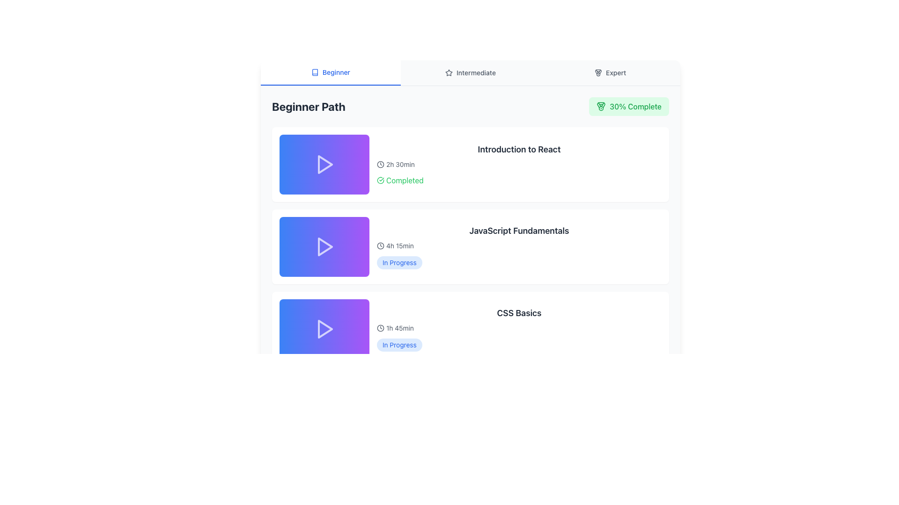 This screenshot has width=899, height=505. What do you see at coordinates (400, 164) in the screenshot?
I see `the static text element displaying the duration '2h 30min' located within the time indicator component of the 'Introduction to React' course entry` at bounding box center [400, 164].